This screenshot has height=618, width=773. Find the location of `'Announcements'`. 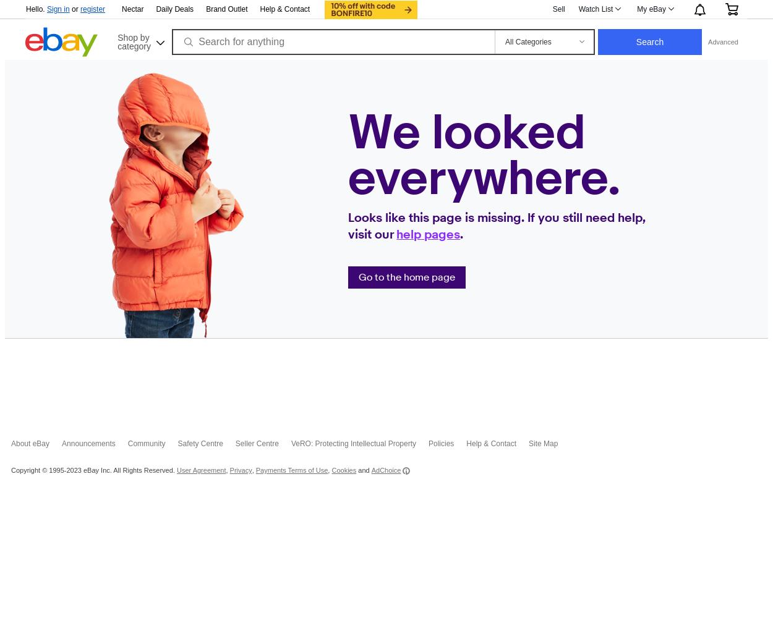

'Announcements' is located at coordinates (88, 443).